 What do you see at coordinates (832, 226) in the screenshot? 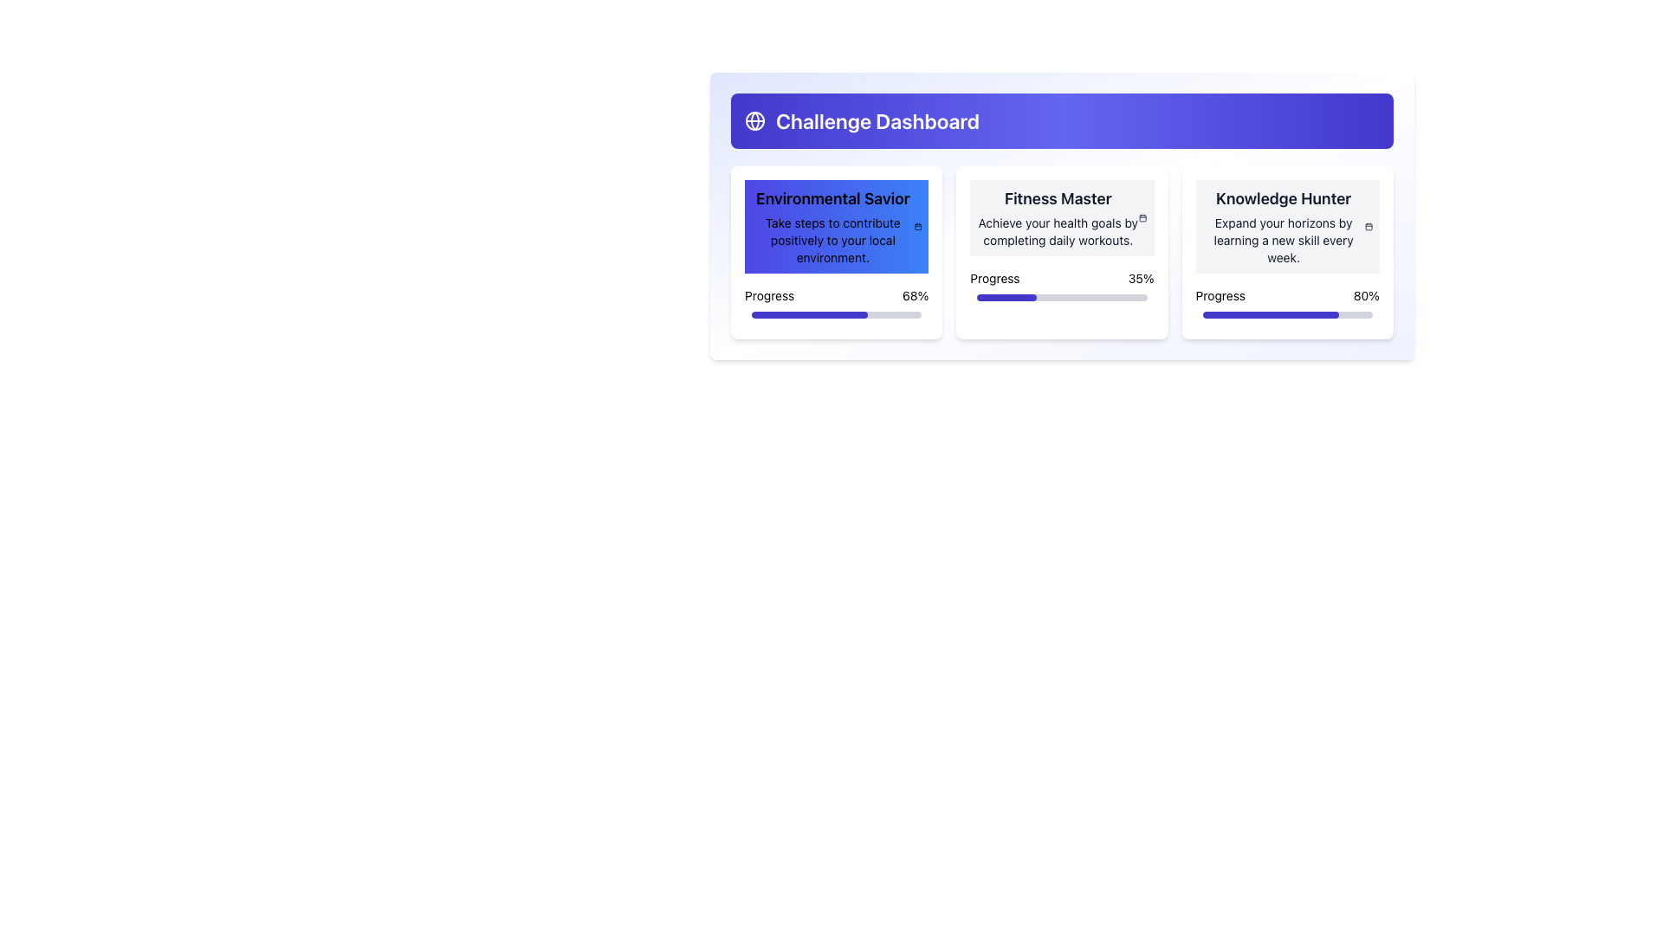
I see `the text element titled 'Environmental Savior' which is located in the first card of the three-card layout below the 'Challenge Dashboard' header` at bounding box center [832, 226].